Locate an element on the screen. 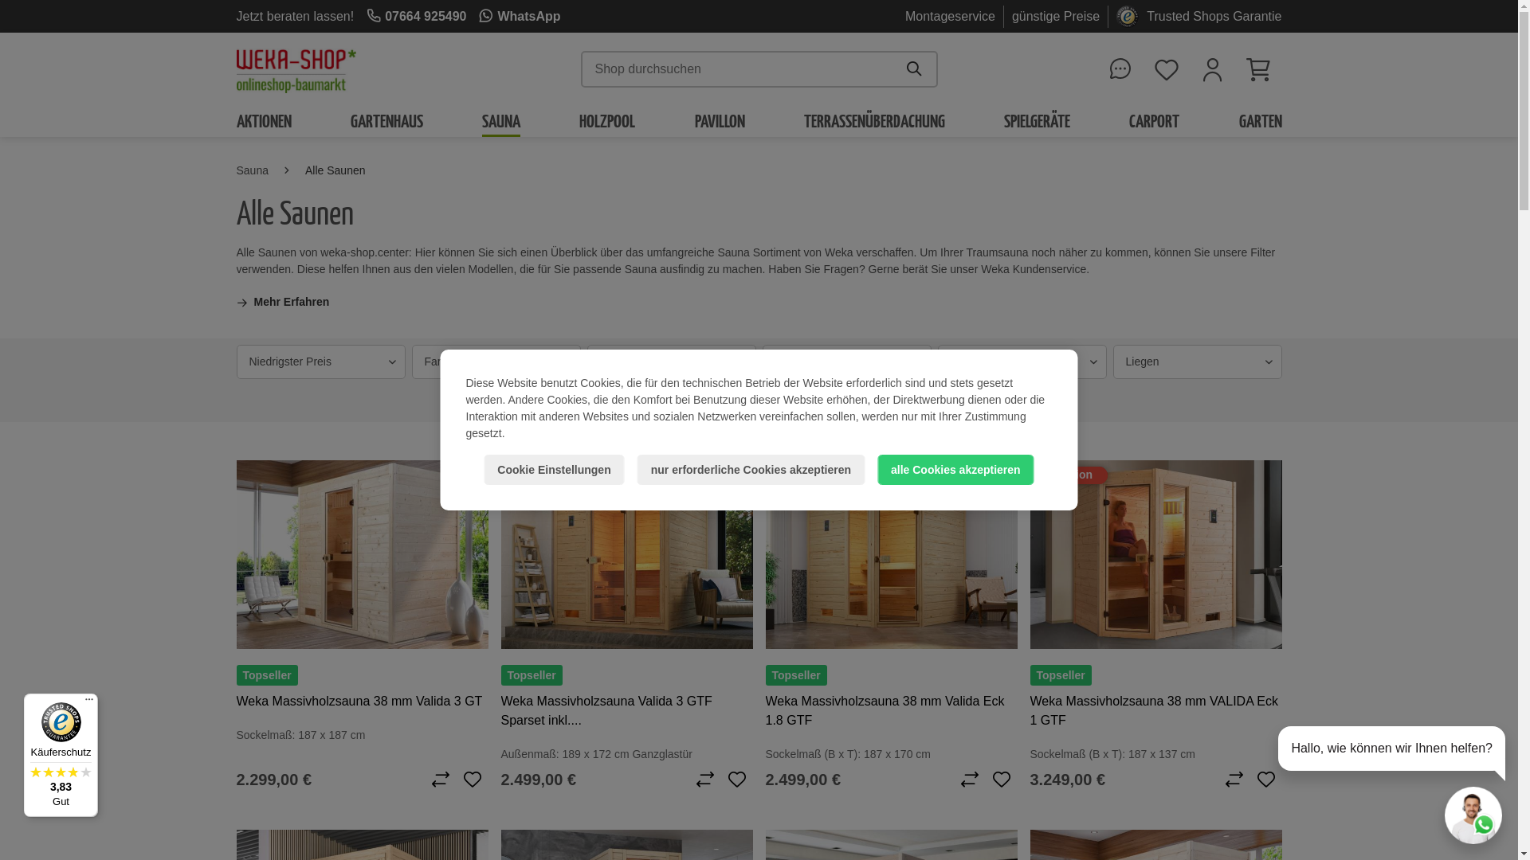  'Weka Massivholzsauna 38 mm VALIDA Eck 1 GTF' is located at coordinates (1155, 710).